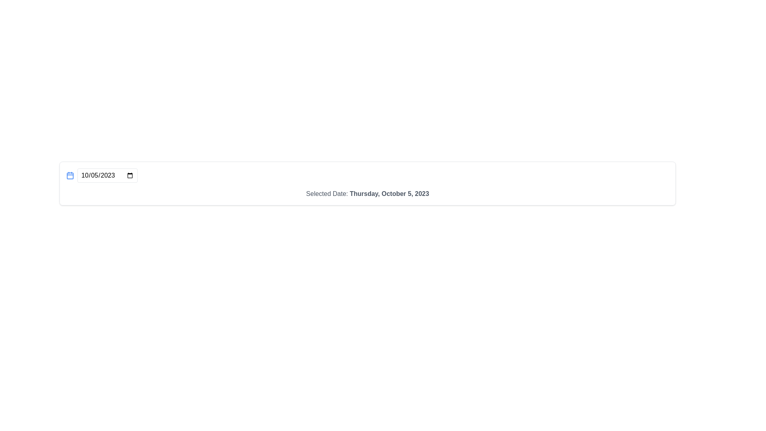 This screenshot has height=431, width=766. I want to click on the decorative rectangular shape with rounded corners, which is centrally positioned within the blue-stroked calendar icon, located to the left of the date input field, so click(70, 175).